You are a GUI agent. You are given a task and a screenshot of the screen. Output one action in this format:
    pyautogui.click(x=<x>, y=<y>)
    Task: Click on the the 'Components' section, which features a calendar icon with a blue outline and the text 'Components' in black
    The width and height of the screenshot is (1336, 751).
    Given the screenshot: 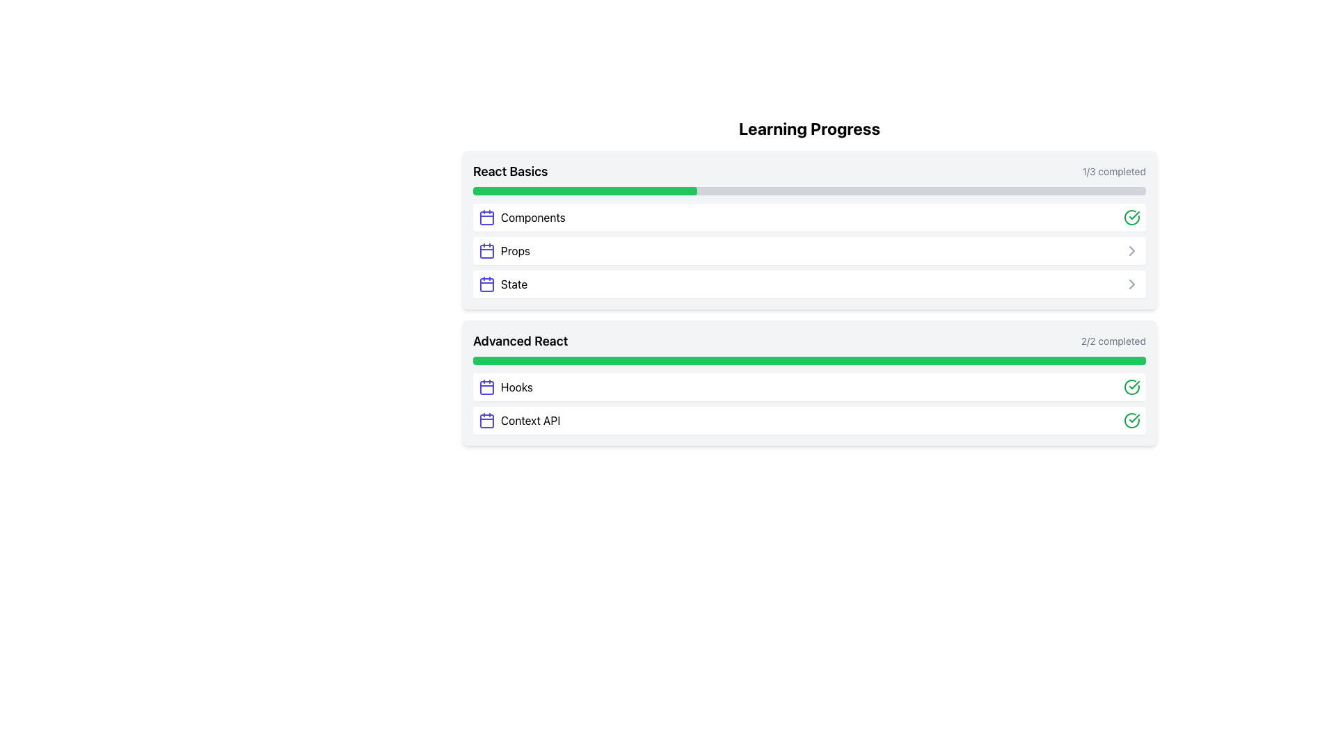 What is the action you would take?
    pyautogui.click(x=521, y=217)
    